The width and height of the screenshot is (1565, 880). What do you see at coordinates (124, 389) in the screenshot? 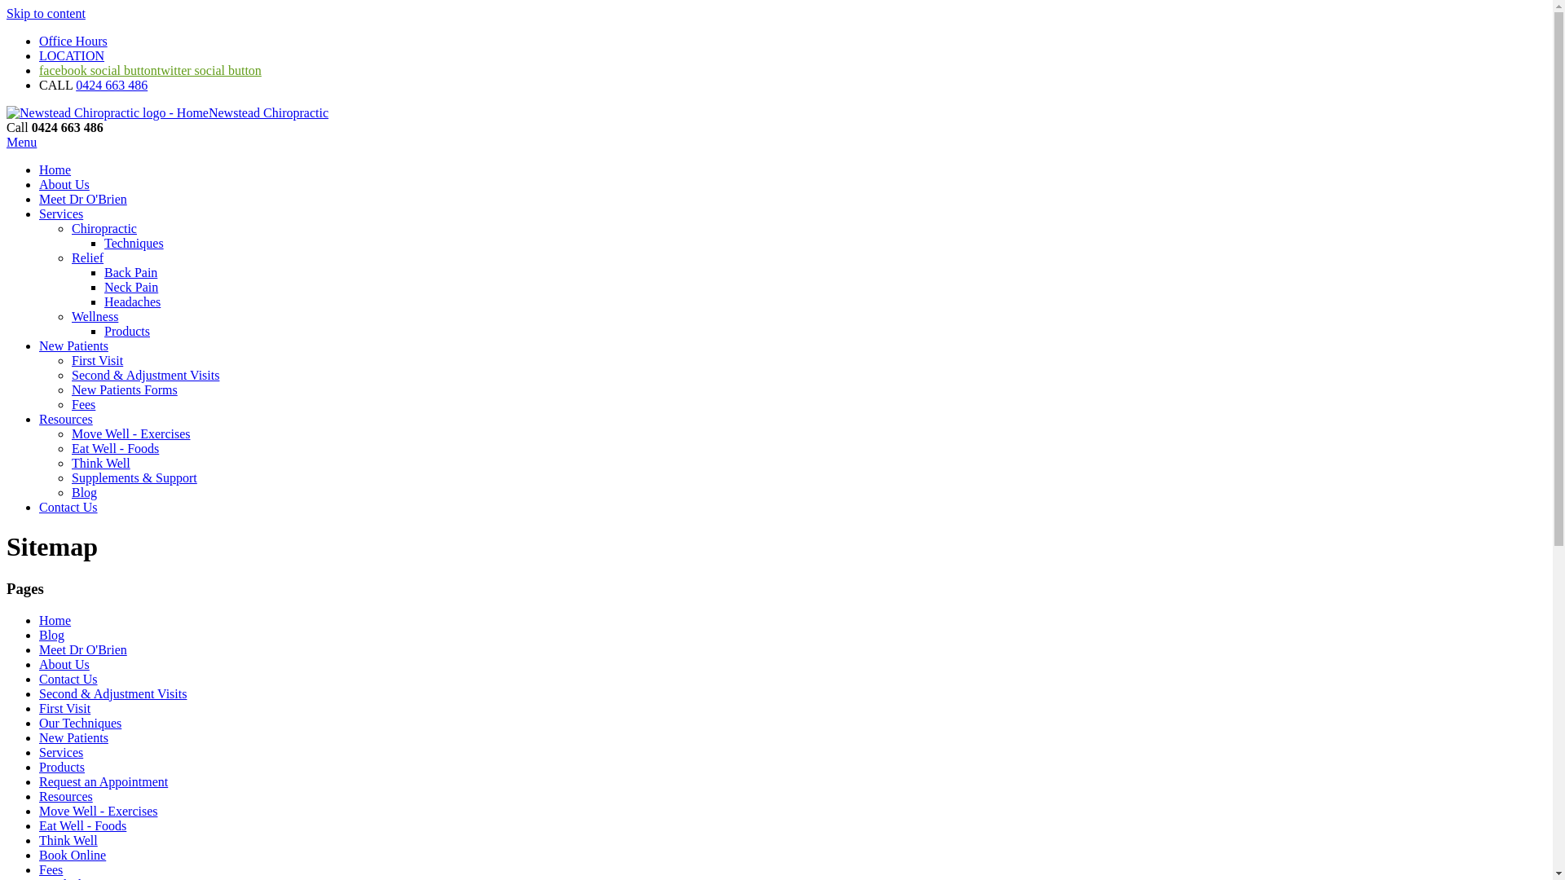
I see `'New Patients Forms'` at bounding box center [124, 389].